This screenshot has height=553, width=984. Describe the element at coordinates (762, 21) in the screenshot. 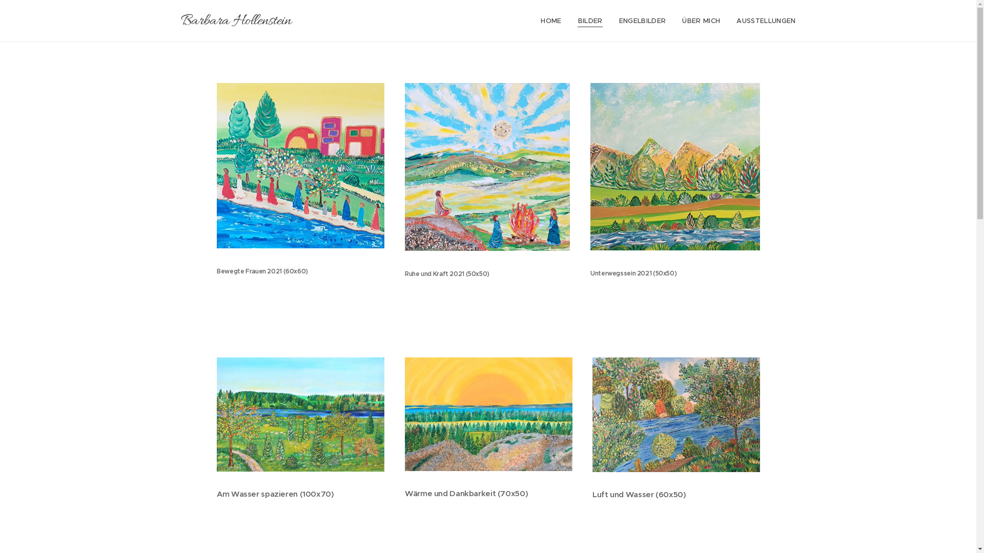

I see `'AUSSTELLUNGEN'` at that location.